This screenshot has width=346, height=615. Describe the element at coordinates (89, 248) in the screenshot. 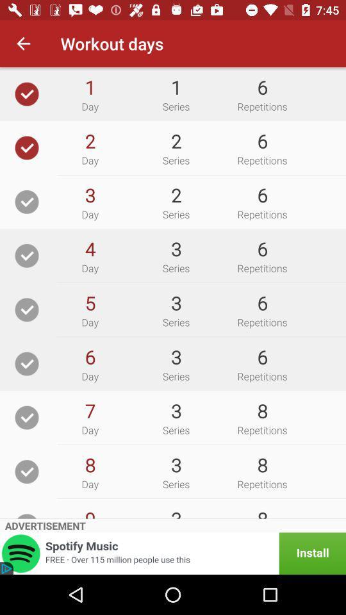

I see `the item to the left of the 3 icon` at that location.